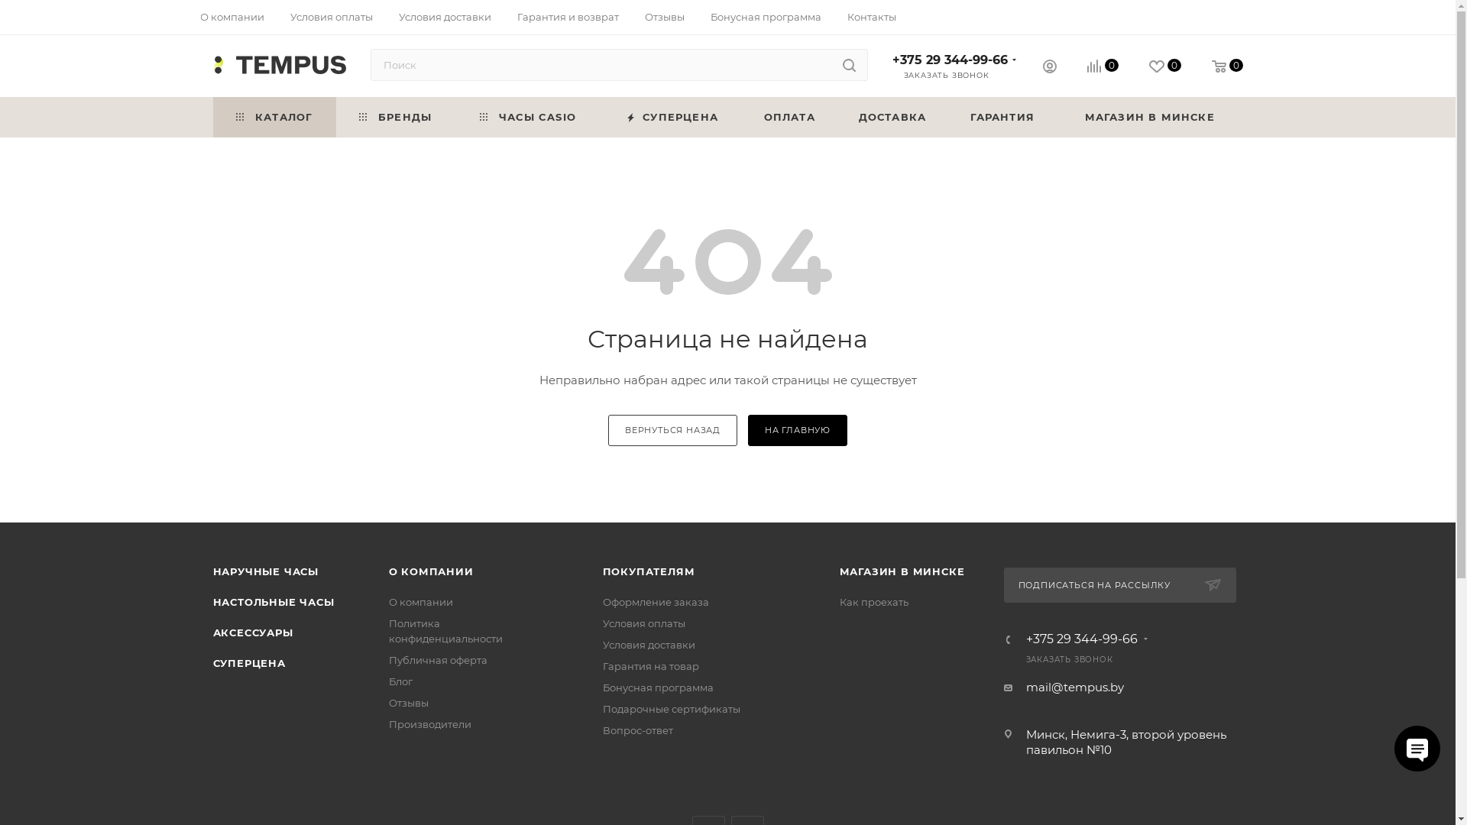 This screenshot has width=1467, height=825. Describe the element at coordinates (1074, 686) in the screenshot. I see `'mail@tempus.by'` at that location.